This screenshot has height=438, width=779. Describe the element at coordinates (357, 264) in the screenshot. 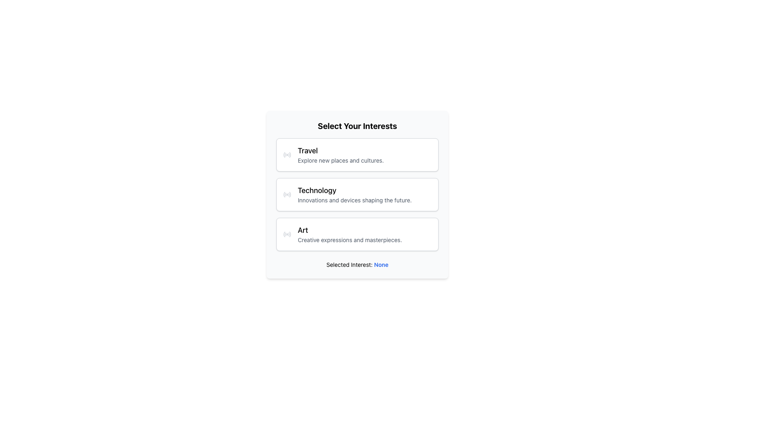

I see `the Text Display that informs the user about the current selection status, indicating that no interest has been selected yet` at that location.